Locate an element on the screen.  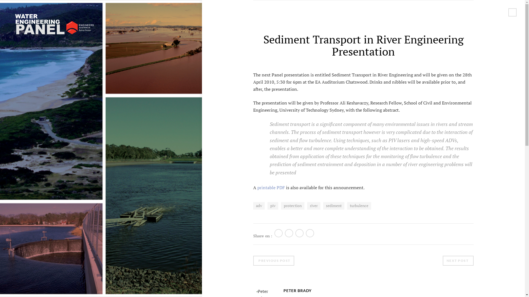
'Dinner' is located at coordinates (449, 262).